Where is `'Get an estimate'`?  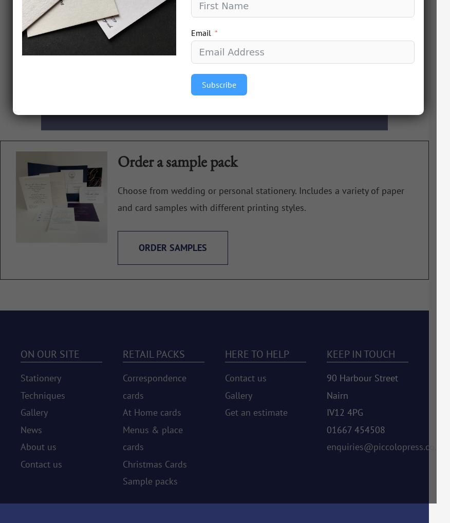 'Get an estimate' is located at coordinates (256, 412).